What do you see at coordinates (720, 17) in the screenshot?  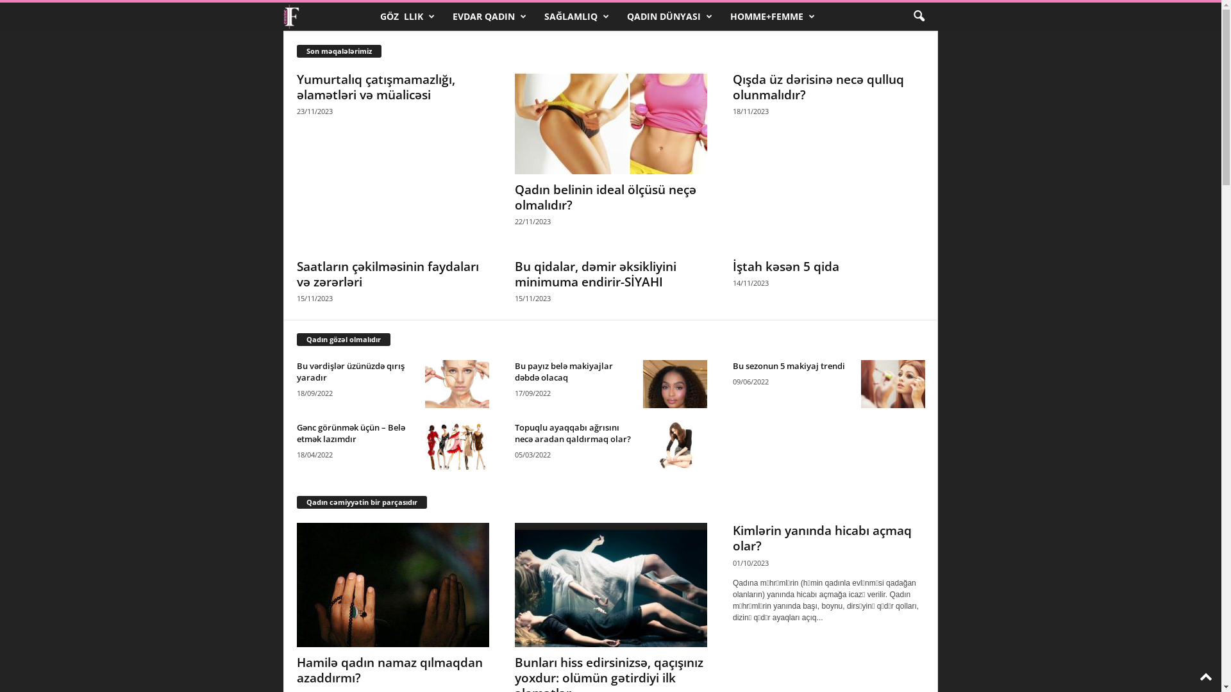 I see `'HOMME+FEMME'` at bounding box center [720, 17].